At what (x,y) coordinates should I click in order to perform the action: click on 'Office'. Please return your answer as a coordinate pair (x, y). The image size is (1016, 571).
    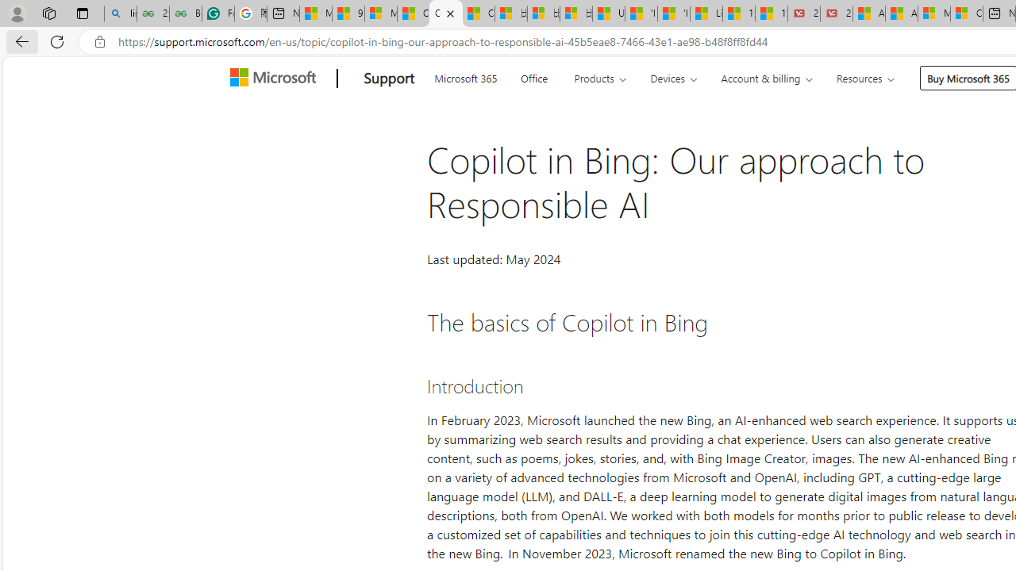
    Looking at the image, I should click on (533, 76).